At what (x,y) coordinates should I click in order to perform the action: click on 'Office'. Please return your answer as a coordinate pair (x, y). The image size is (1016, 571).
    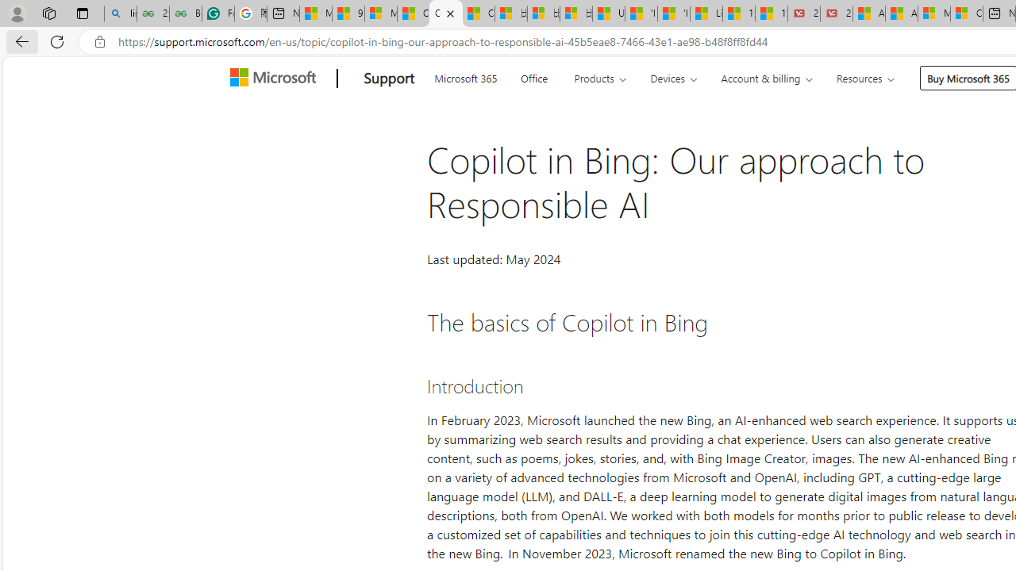
    Looking at the image, I should click on (533, 76).